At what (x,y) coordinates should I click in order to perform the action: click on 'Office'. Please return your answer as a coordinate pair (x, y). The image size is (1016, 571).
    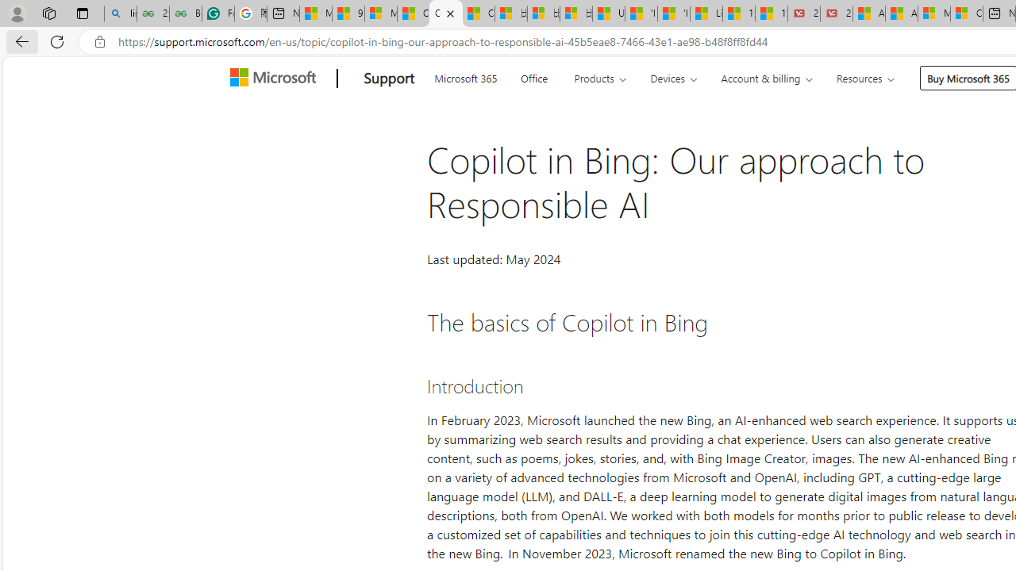
    Looking at the image, I should click on (533, 76).